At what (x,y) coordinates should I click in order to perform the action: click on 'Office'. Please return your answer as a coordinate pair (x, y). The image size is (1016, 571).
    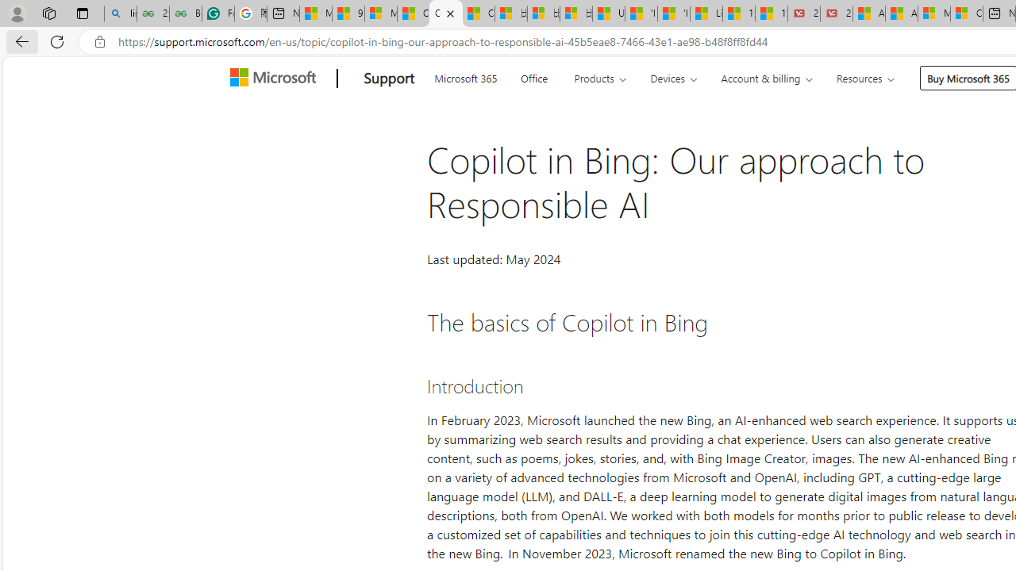
    Looking at the image, I should click on (533, 76).